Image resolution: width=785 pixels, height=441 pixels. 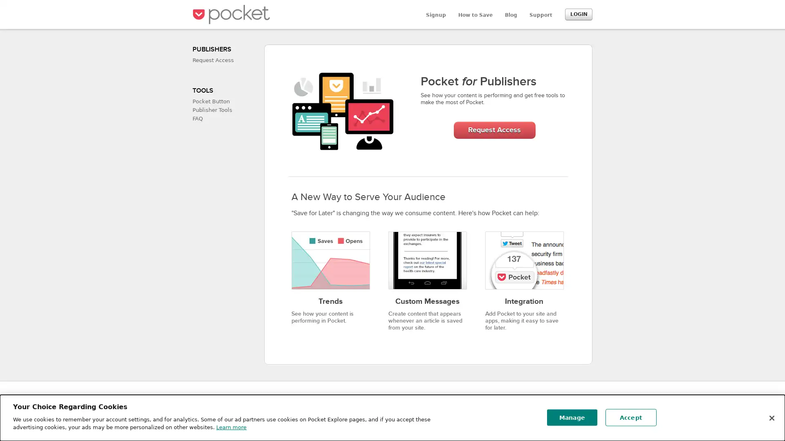 What do you see at coordinates (571, 417) in the screenshot?
I see `Manage` at bounding box center [571, 417].